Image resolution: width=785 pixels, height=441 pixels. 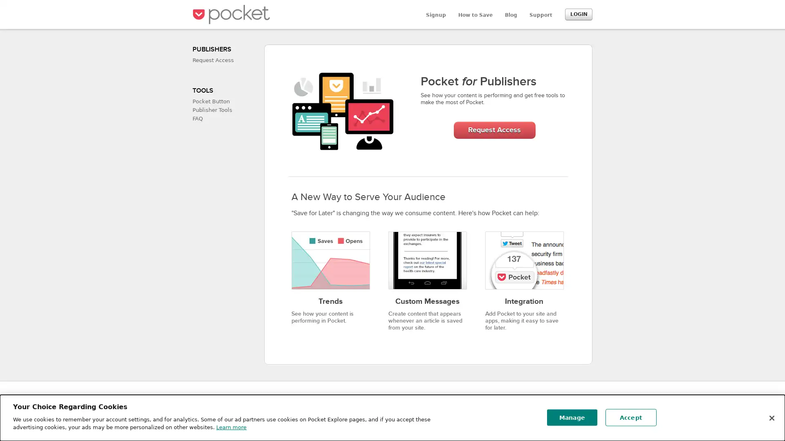 What do you see at coordinates (571, 417) in the screenshot?
I see `Manage` at bounding box center [571, 417].